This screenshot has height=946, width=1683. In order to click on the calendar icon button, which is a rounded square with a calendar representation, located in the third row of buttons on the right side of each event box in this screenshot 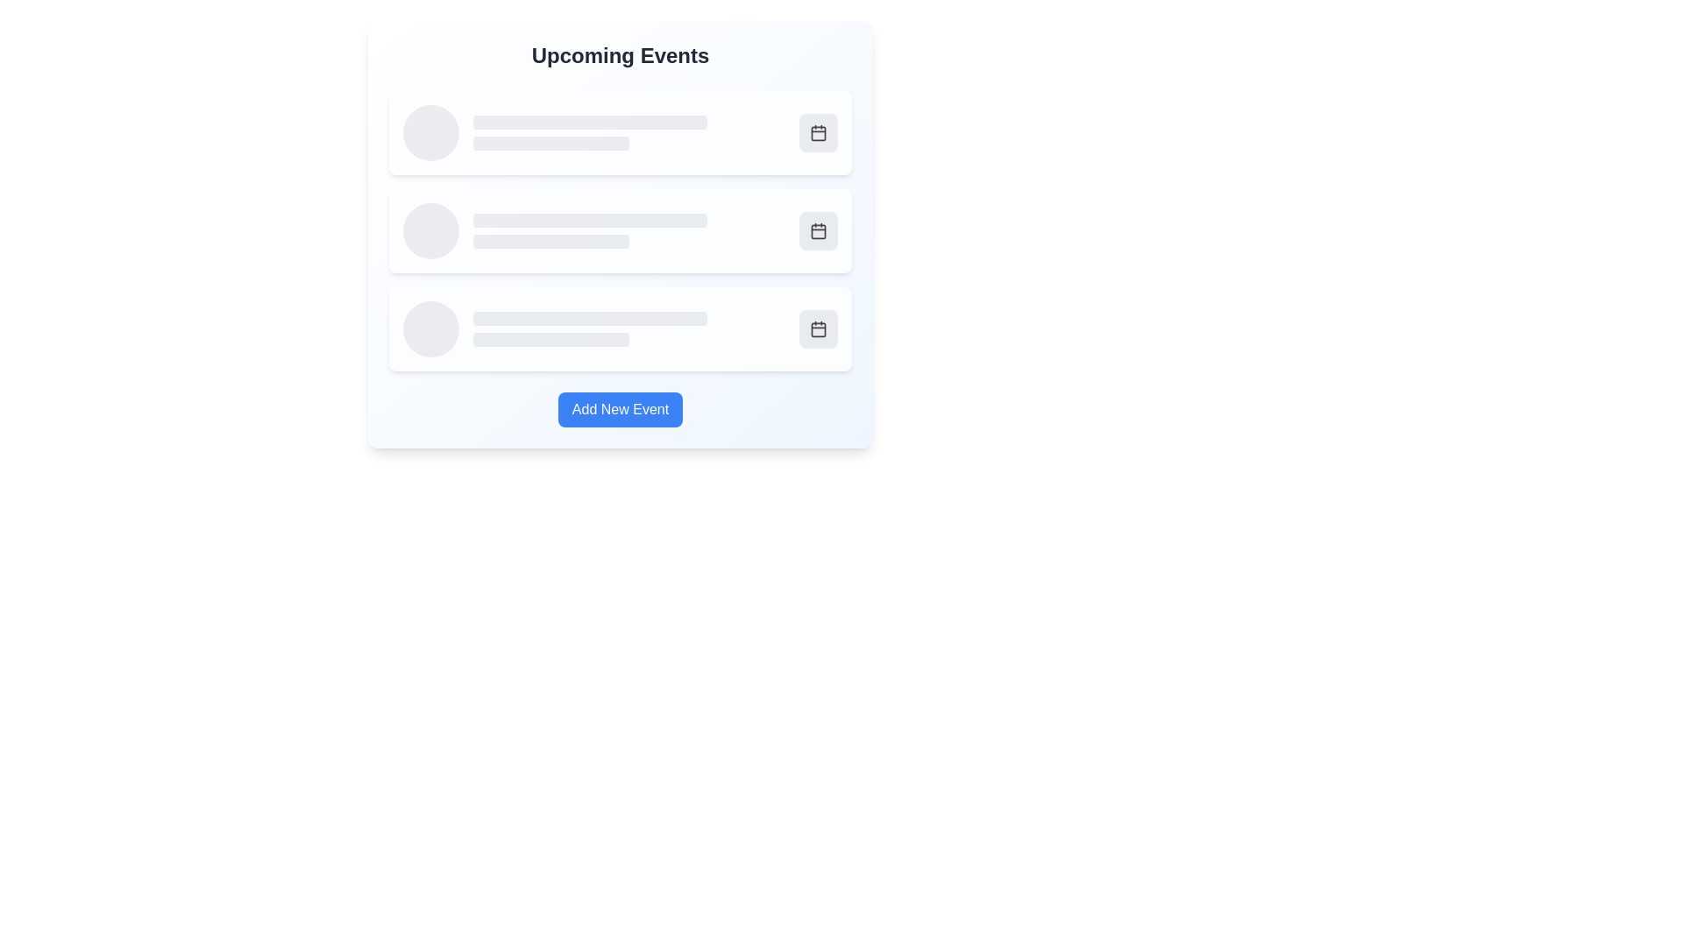, I will do `click(818, 328)`.